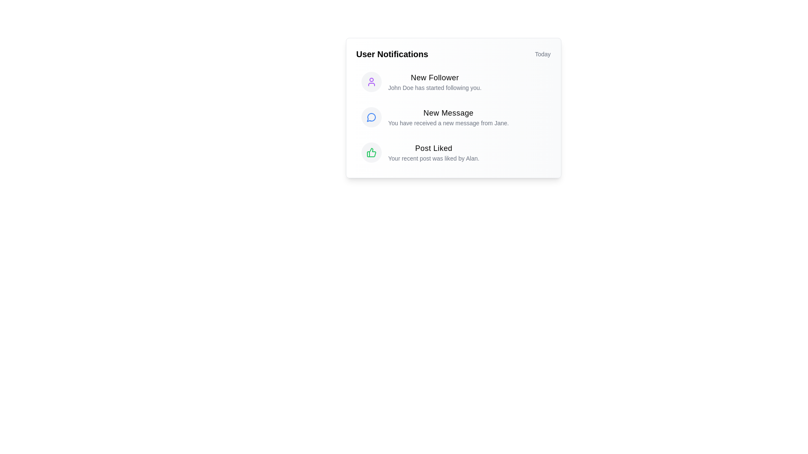 The image size is (808, 454). What do you see at coordinates (448, 117) in the screenshot?
I see `the notification block titled 'New Message' to read the message details from 'Jane'` at bounding box center [448, 117].